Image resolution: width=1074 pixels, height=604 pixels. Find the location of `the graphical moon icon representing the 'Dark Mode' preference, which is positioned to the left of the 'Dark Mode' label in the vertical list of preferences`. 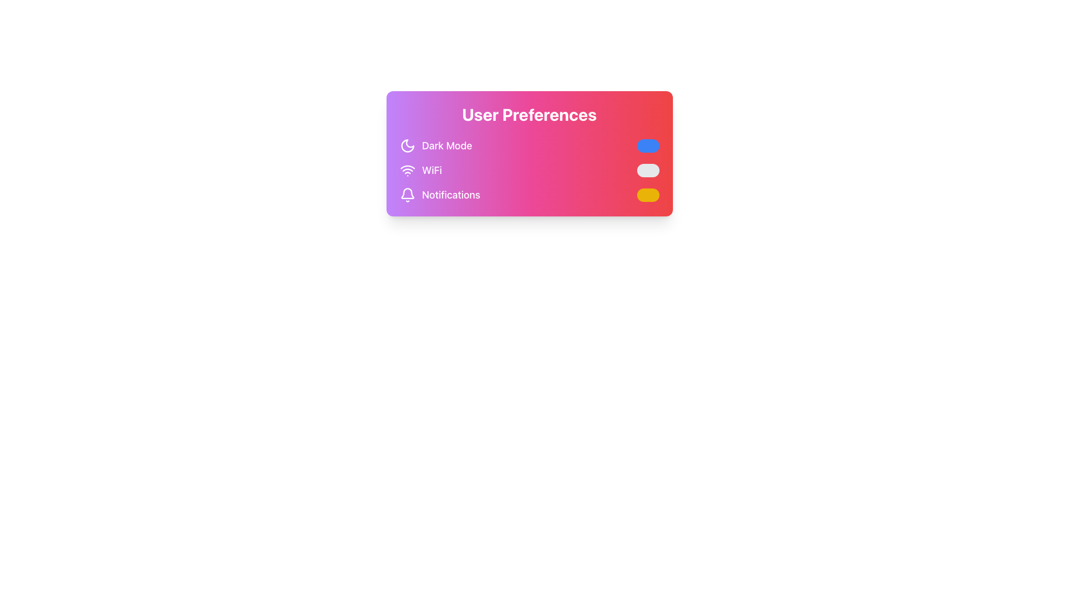

the graphical moon icon representing the 'Dark Mode' preference, which is positioned to the left of the 'Dark Mode' label in the vertical list of preferences is located at coordinates (407, 145).